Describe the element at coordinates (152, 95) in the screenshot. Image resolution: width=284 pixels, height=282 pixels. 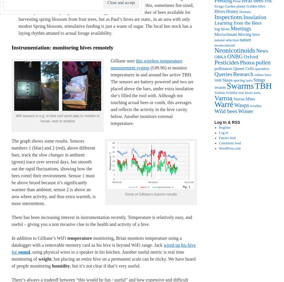
I see `'(£49.96) to monitor temperatures in and around her active TBH. The sensors are battery powered and two are placed above the bars, under extra insulation she’s filled the roof with. Although not touching actual bees or comb, this averages and reflects the activity in the hive cavity below. Another monitors external temperature.'` at that location.